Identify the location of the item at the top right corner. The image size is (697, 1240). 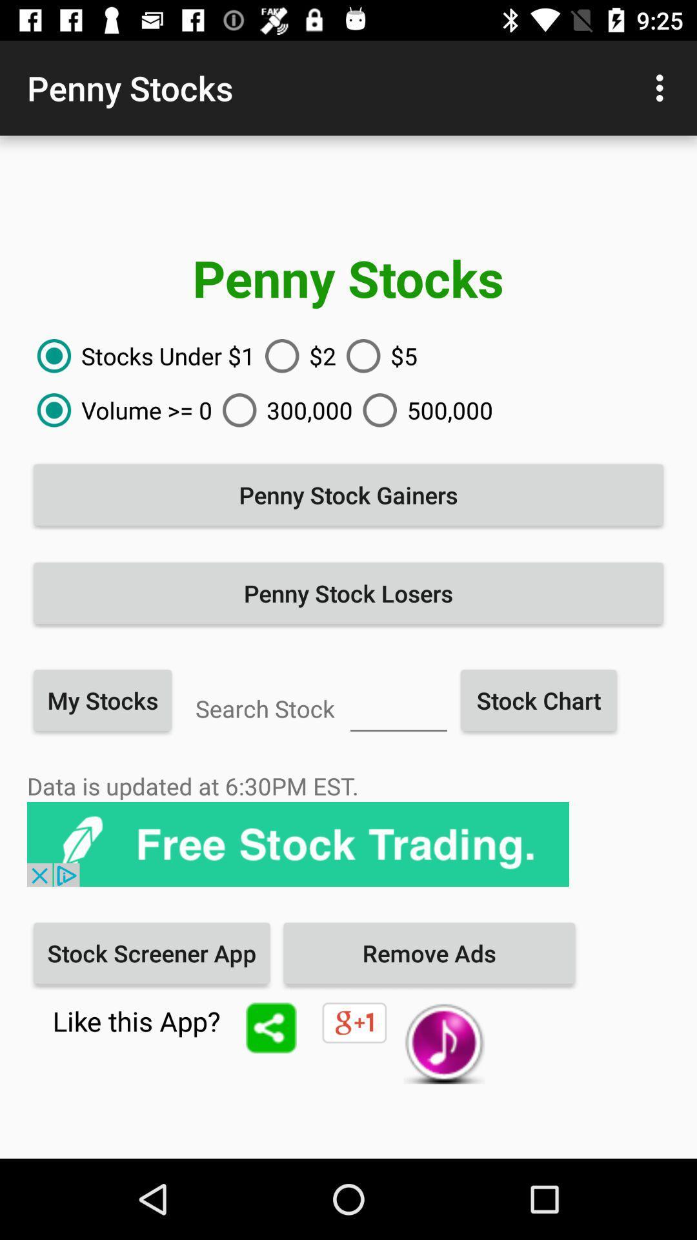
(663, 87).